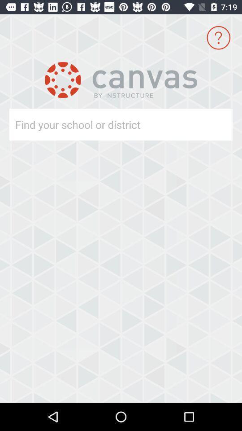 This screenshot has width=242, height=431. Describe the element at coordinates (218, 38) in the screenshot. I see `the help icon` at that location.